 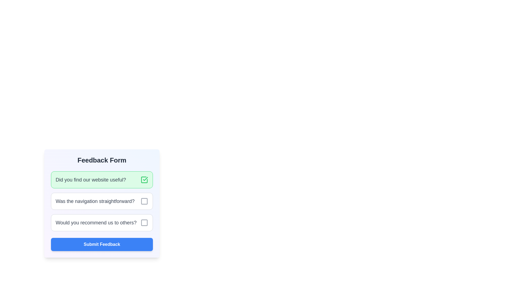 I want to click on the 'Submit Feedback' button to submit the form, so click(x=102, y=244).